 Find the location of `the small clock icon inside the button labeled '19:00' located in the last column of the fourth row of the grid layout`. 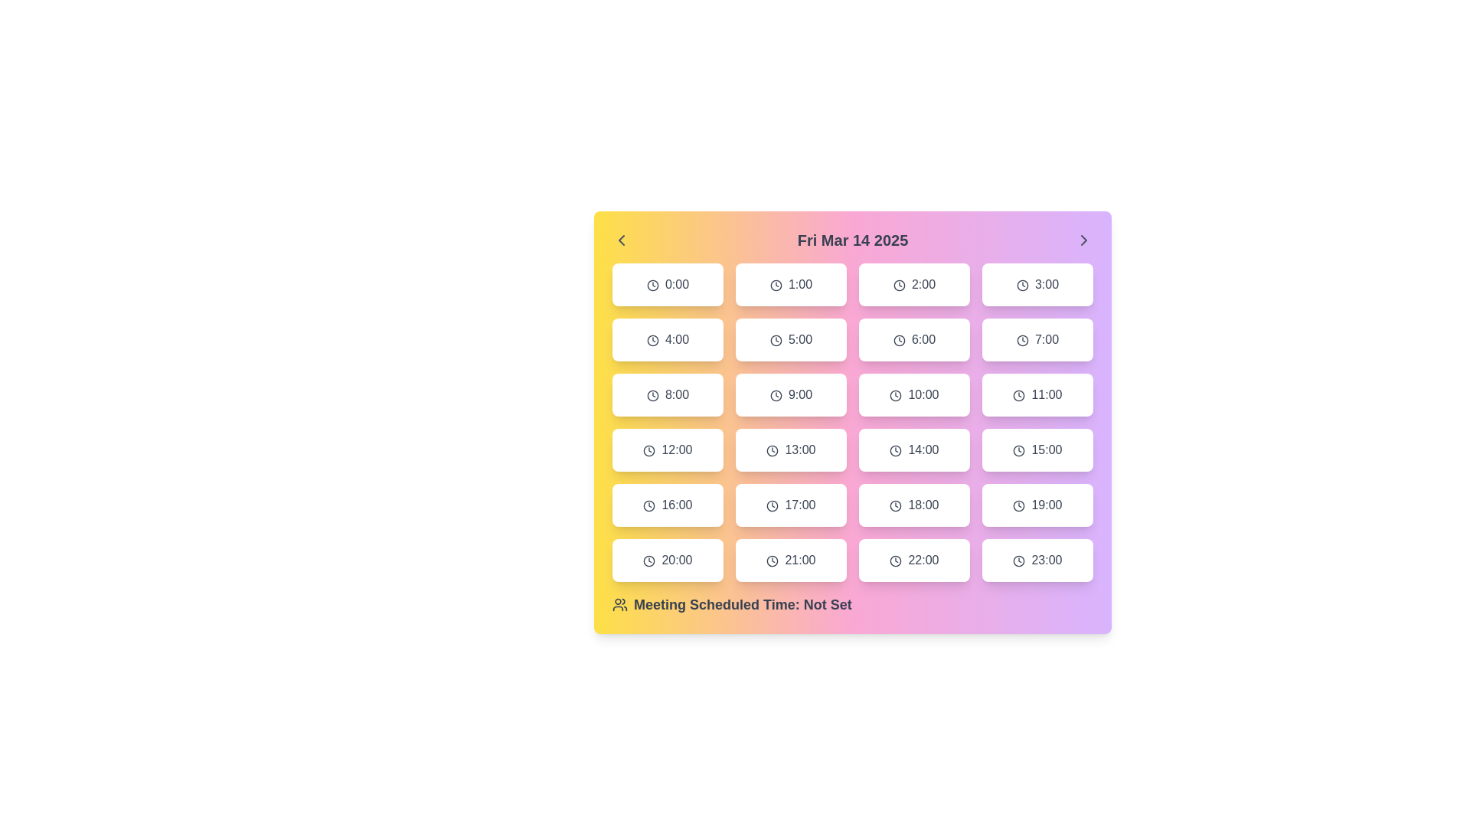

the small clock icon inside the button labeled '19:00' located in the last column of the fourth row of the grid layout is located at coordinates (1019, 505).